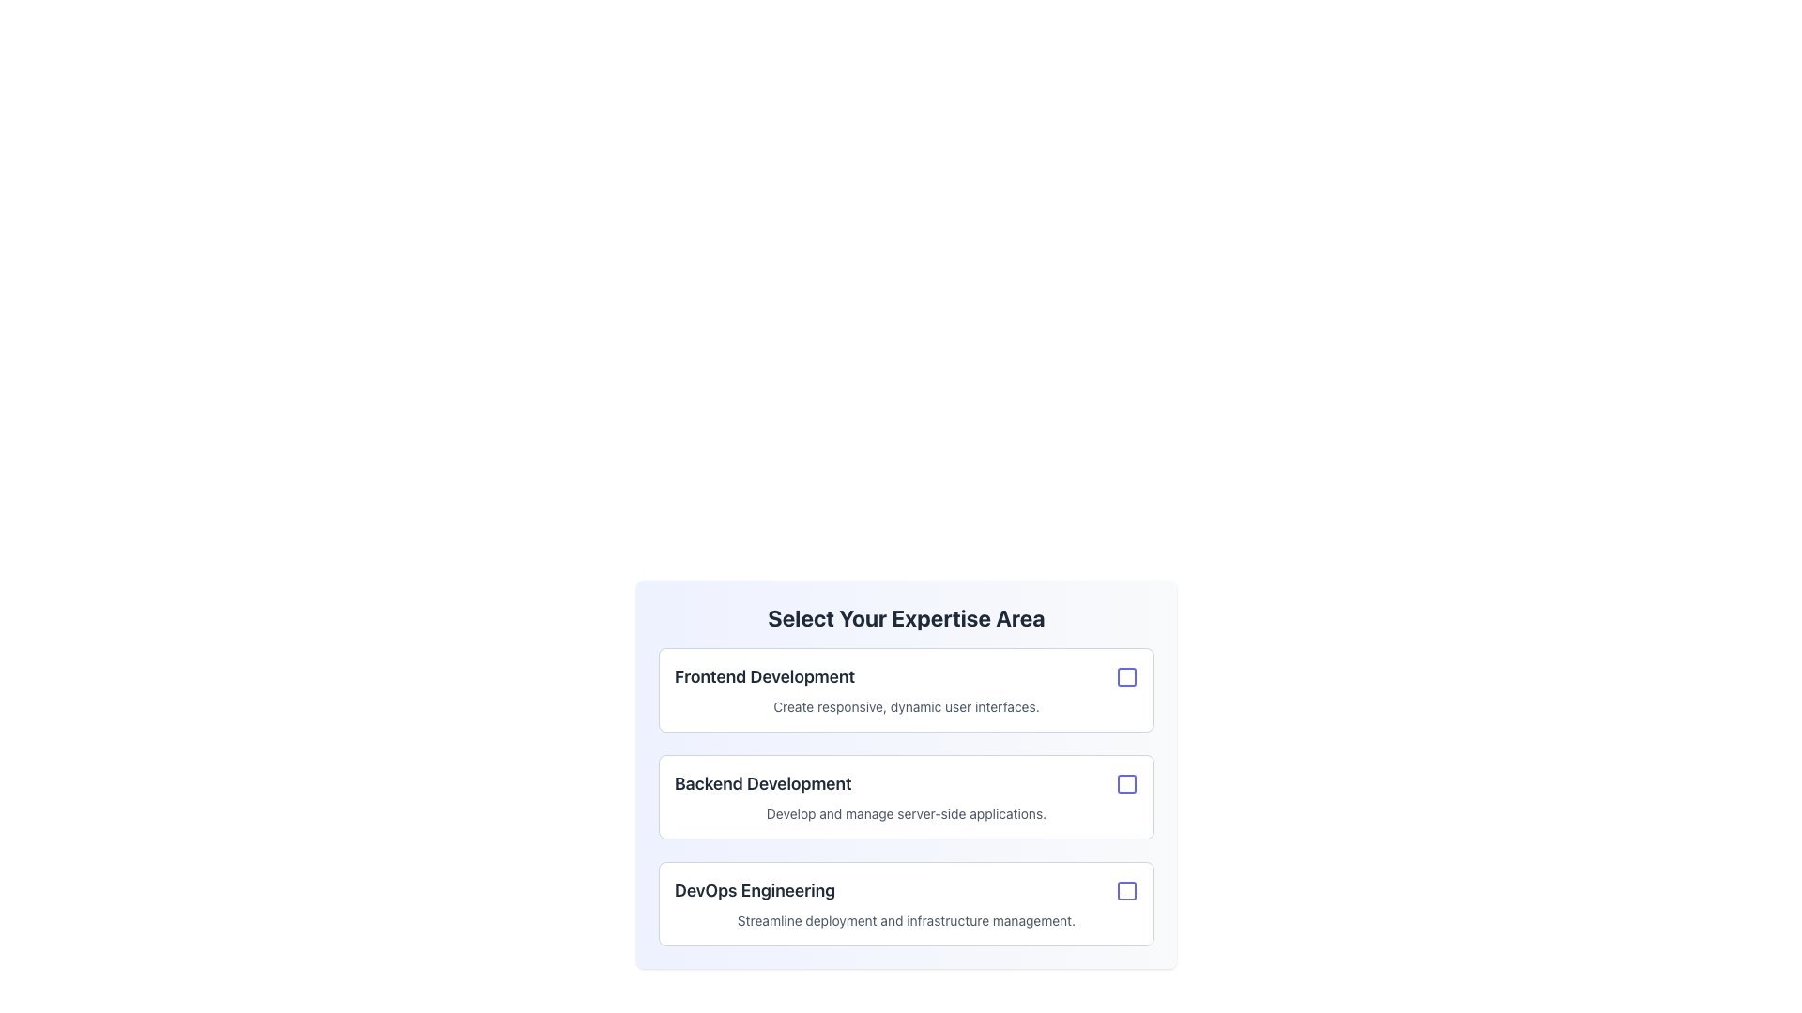 This screenshot has width=1802, height=1013. What do you see at coordinates (1126, 889) in the screenshot?
I see `the selectable checkbox for the 'DevOps Engineering' option to observe any hover effects` at bounding box center [1126, 889].